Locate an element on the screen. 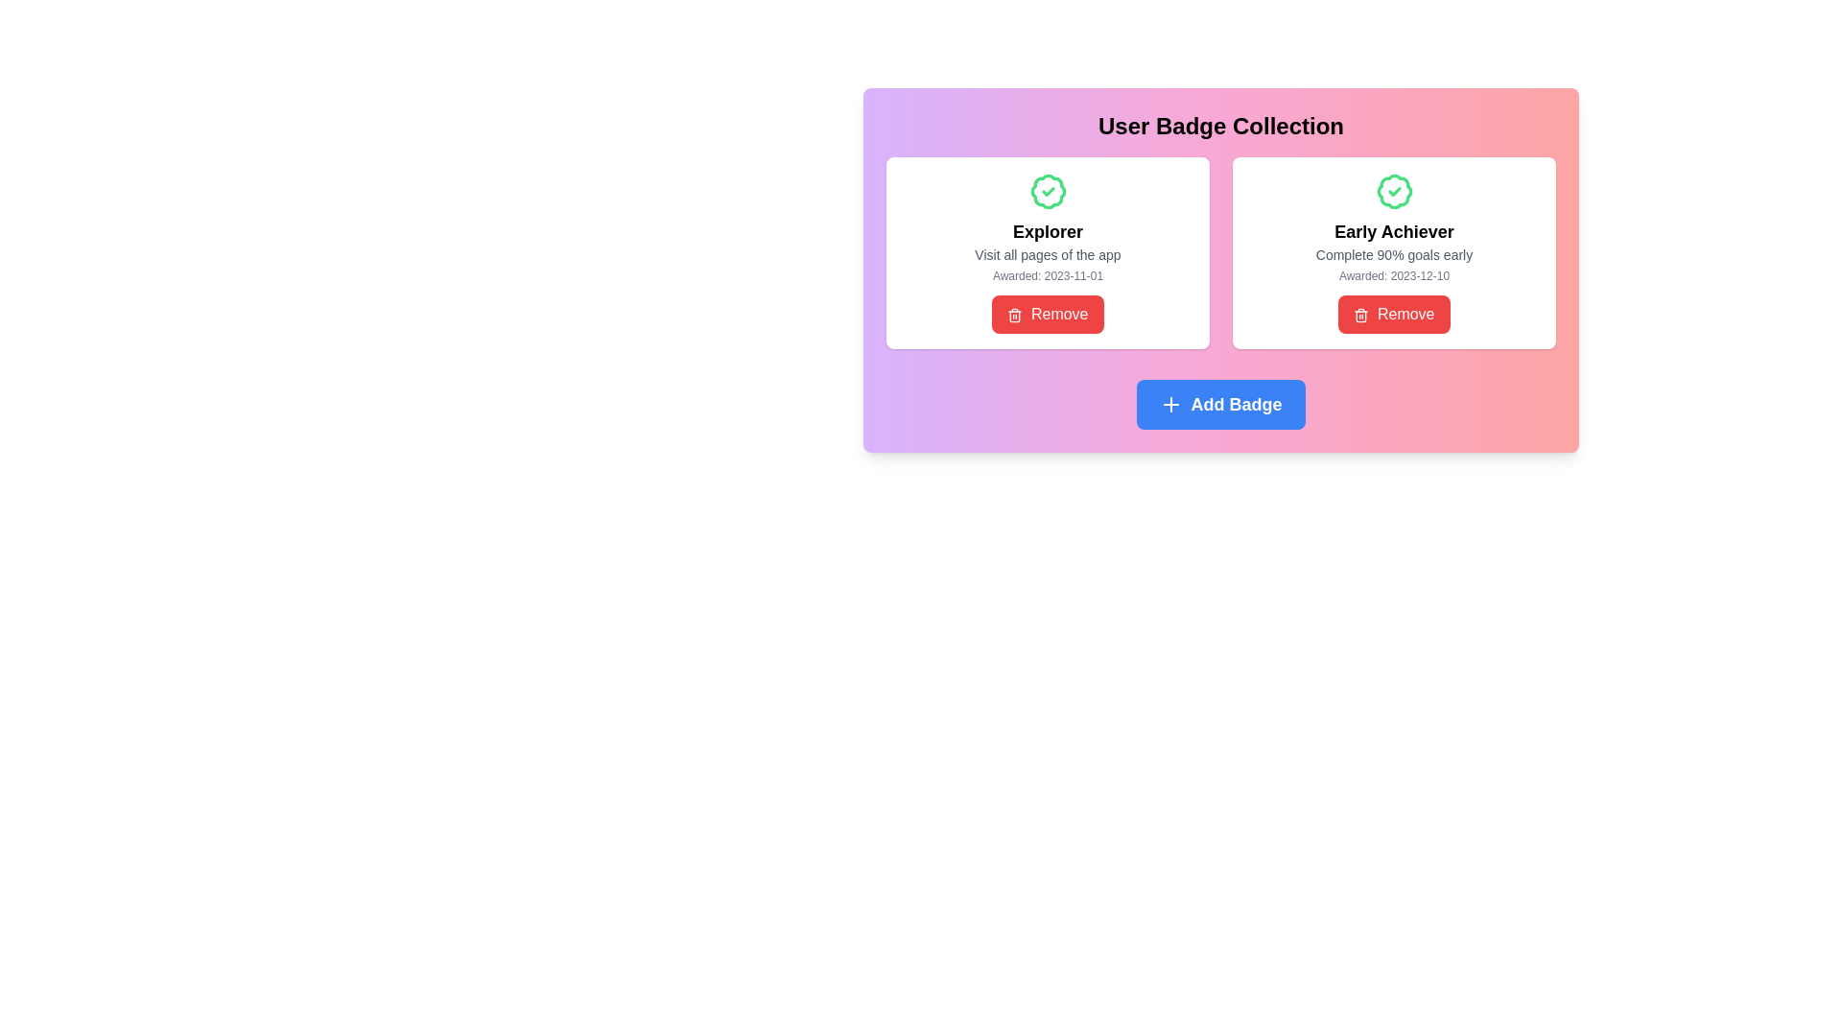  the green outlined circle badge icon with a checkmark in the center, located at the top center of the card titled 'Explorer' in the 'User Badge Collection' section is located at coordinates (1047, 192).